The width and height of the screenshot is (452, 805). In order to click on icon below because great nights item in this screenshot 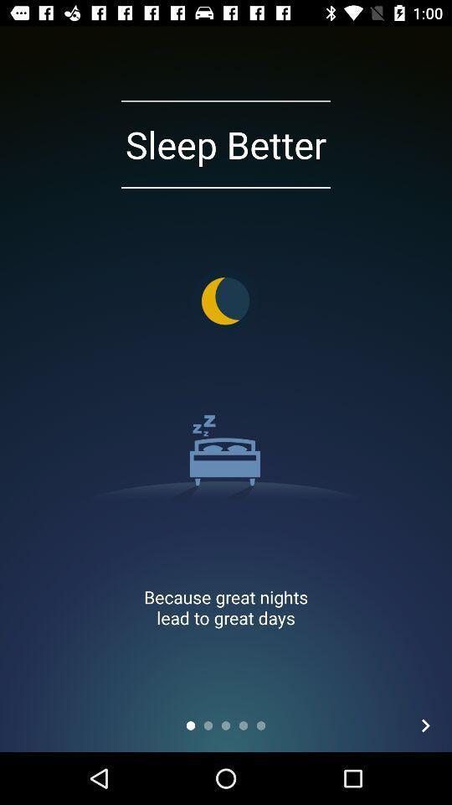, I will do `click(425, 724)`.